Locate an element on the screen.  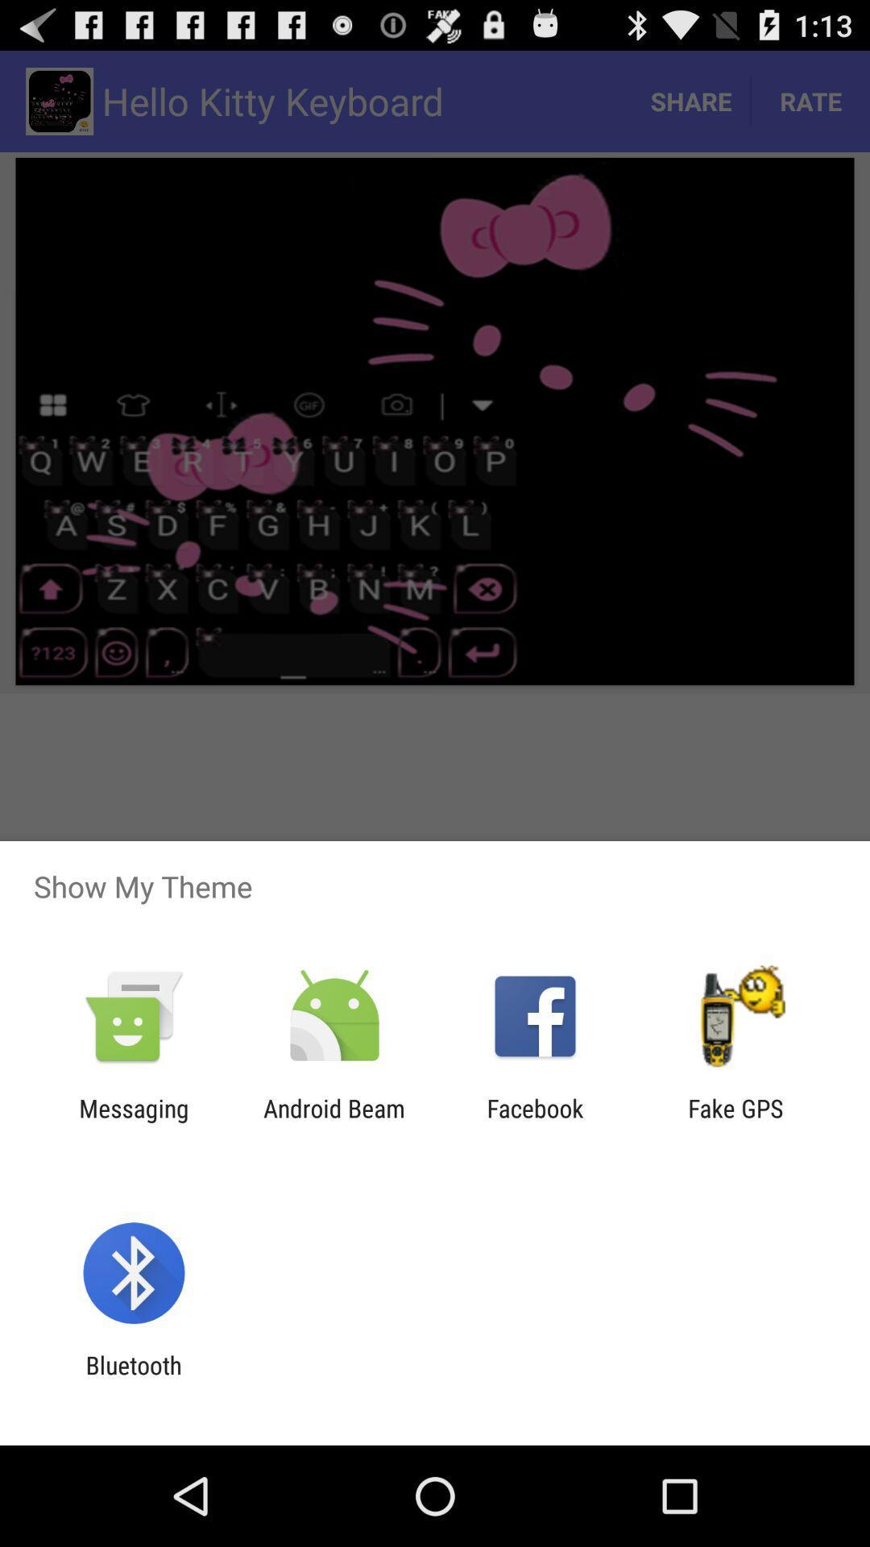
bluetooth item is located at coordinates (133, 1379).